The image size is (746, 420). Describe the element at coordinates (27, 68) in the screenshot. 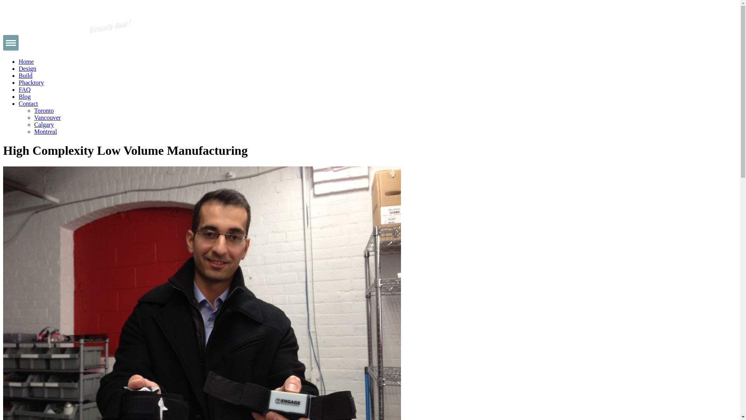

I see `'Design'` at that location.